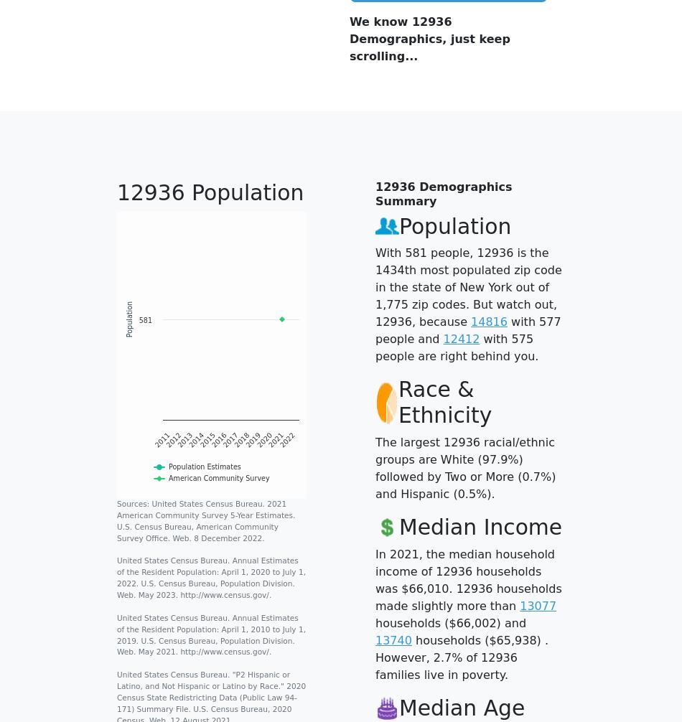 The height and width of the screenshot is (722, 682). Describe the element at coordinates (457, 49) in the screenshot. I see `'it had lots of charts and graphs that my supervisor liked.'` at that location.